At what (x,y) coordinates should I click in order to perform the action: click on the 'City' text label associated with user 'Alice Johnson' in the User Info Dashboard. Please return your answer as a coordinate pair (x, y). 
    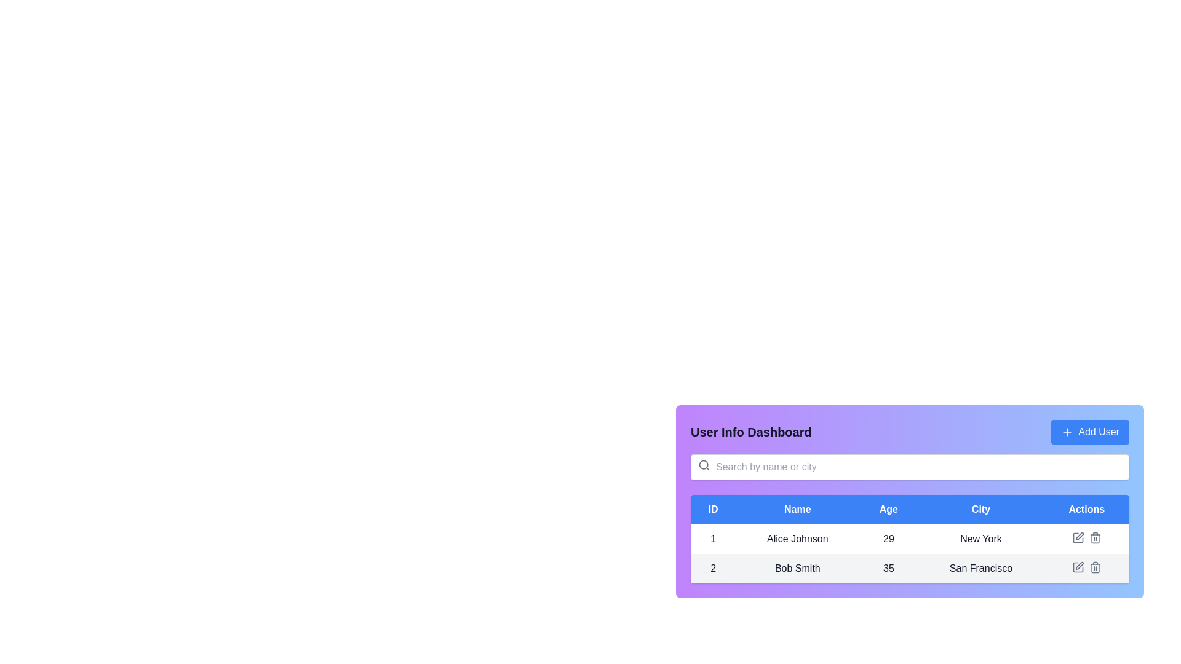
    Looking at the image, I should click on (980, 538).